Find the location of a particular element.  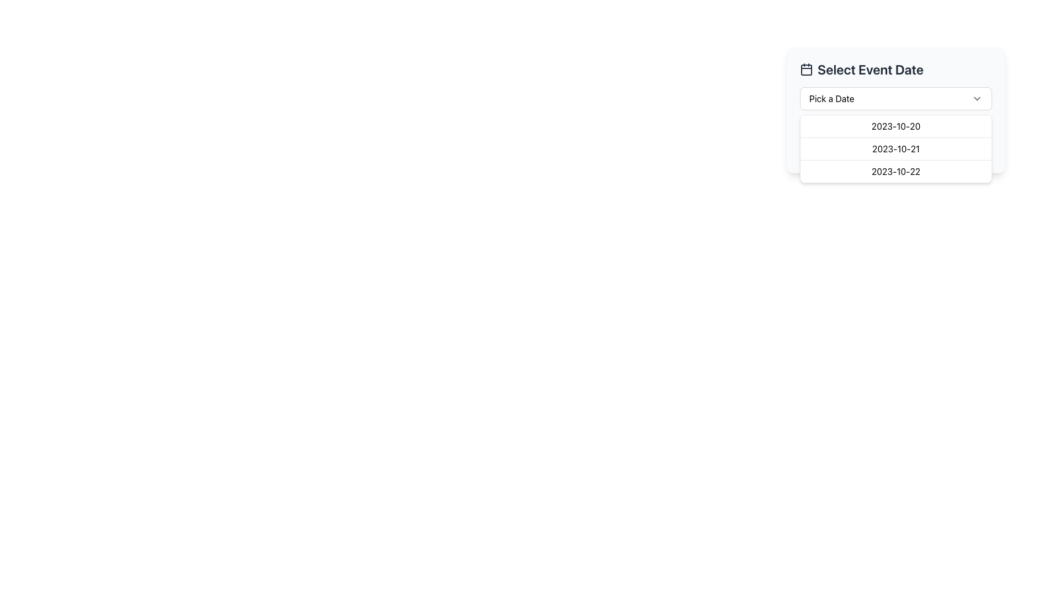

the second date entry '2023-10-21' in the dropdown list is located at coordinates (895, 149).